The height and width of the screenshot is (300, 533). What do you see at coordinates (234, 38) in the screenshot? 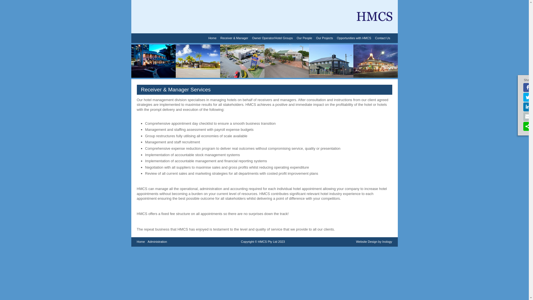
I see `'Receiver & Manager'` at bounding box center [234, 38].